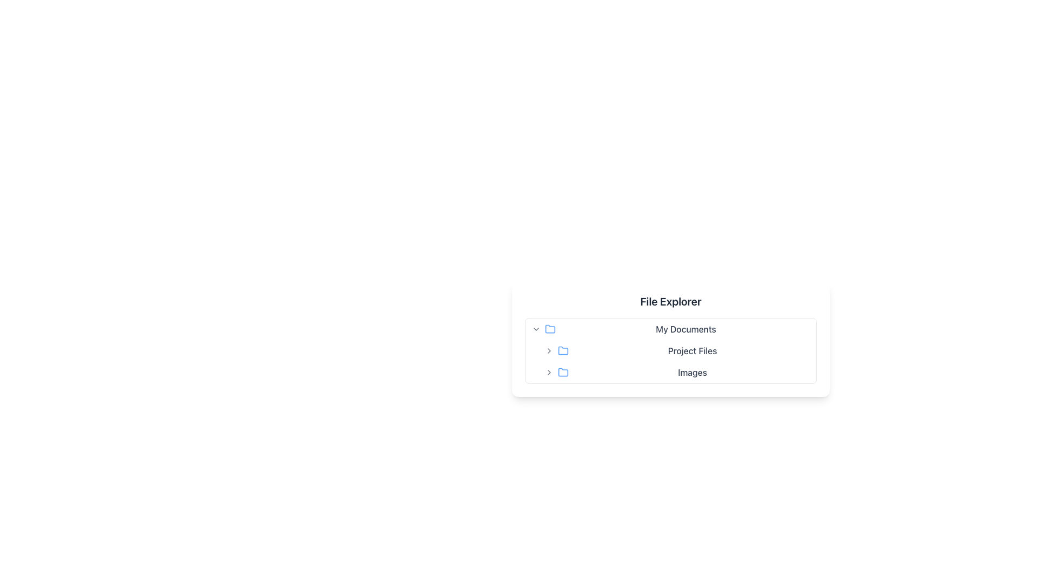 This screenshot has width=1038, height=584. Describe the element at coordinates (670, 350) in the screenshot. I see `an item in the File navigation panel, which is centrally positioned under the 'File Explorer' heading` at that location.